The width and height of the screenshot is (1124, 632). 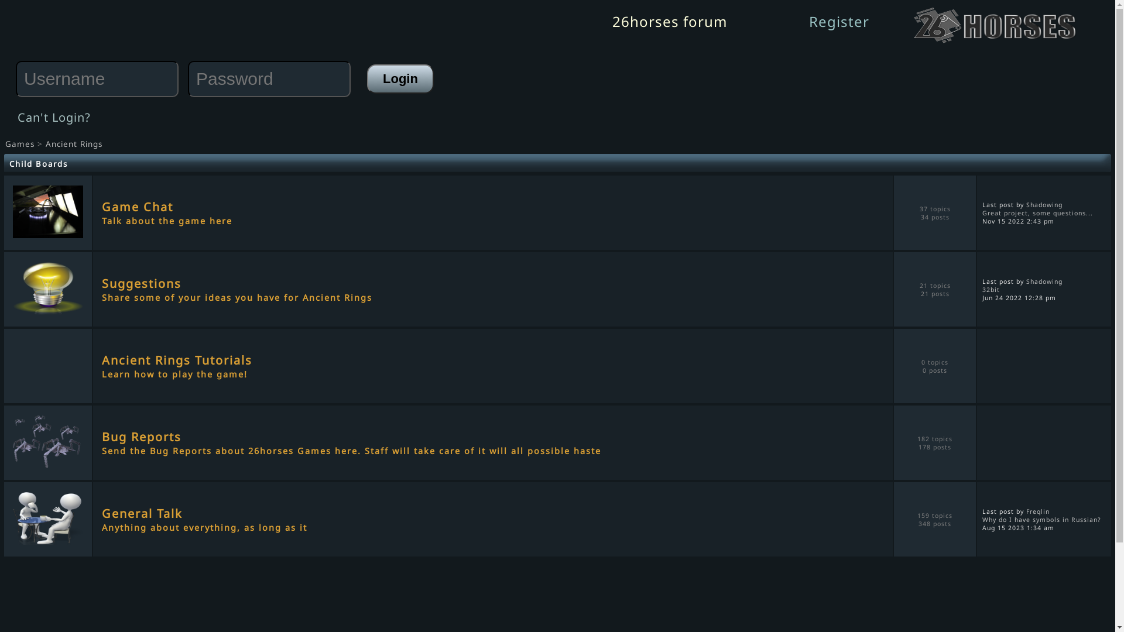 I want to click on '32bit', so click(x=991, y=289).